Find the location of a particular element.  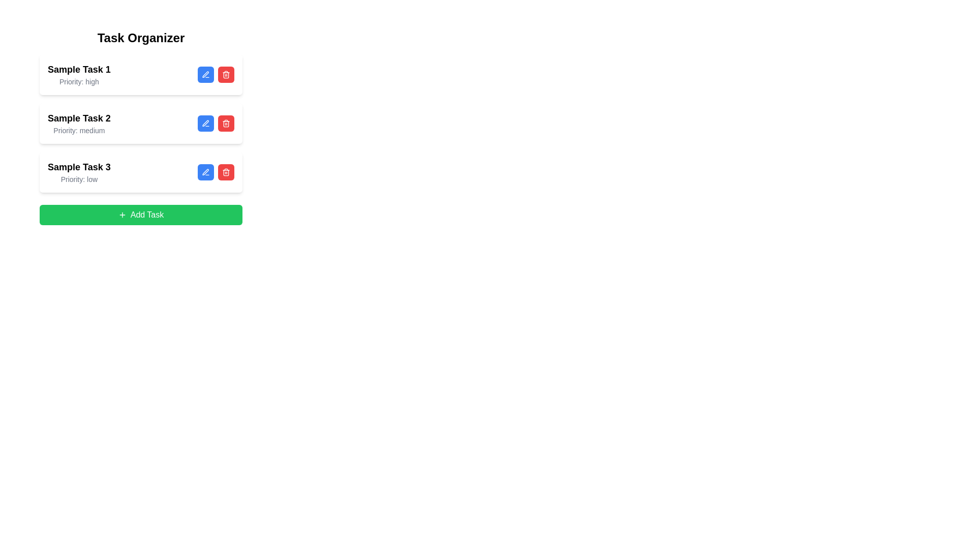

the text display of the second task description in the task list, positioned between 'Sample Task 1' and 'Sample Task 3' under the 'Task Organizer' section is located at coordinates (78, 123).